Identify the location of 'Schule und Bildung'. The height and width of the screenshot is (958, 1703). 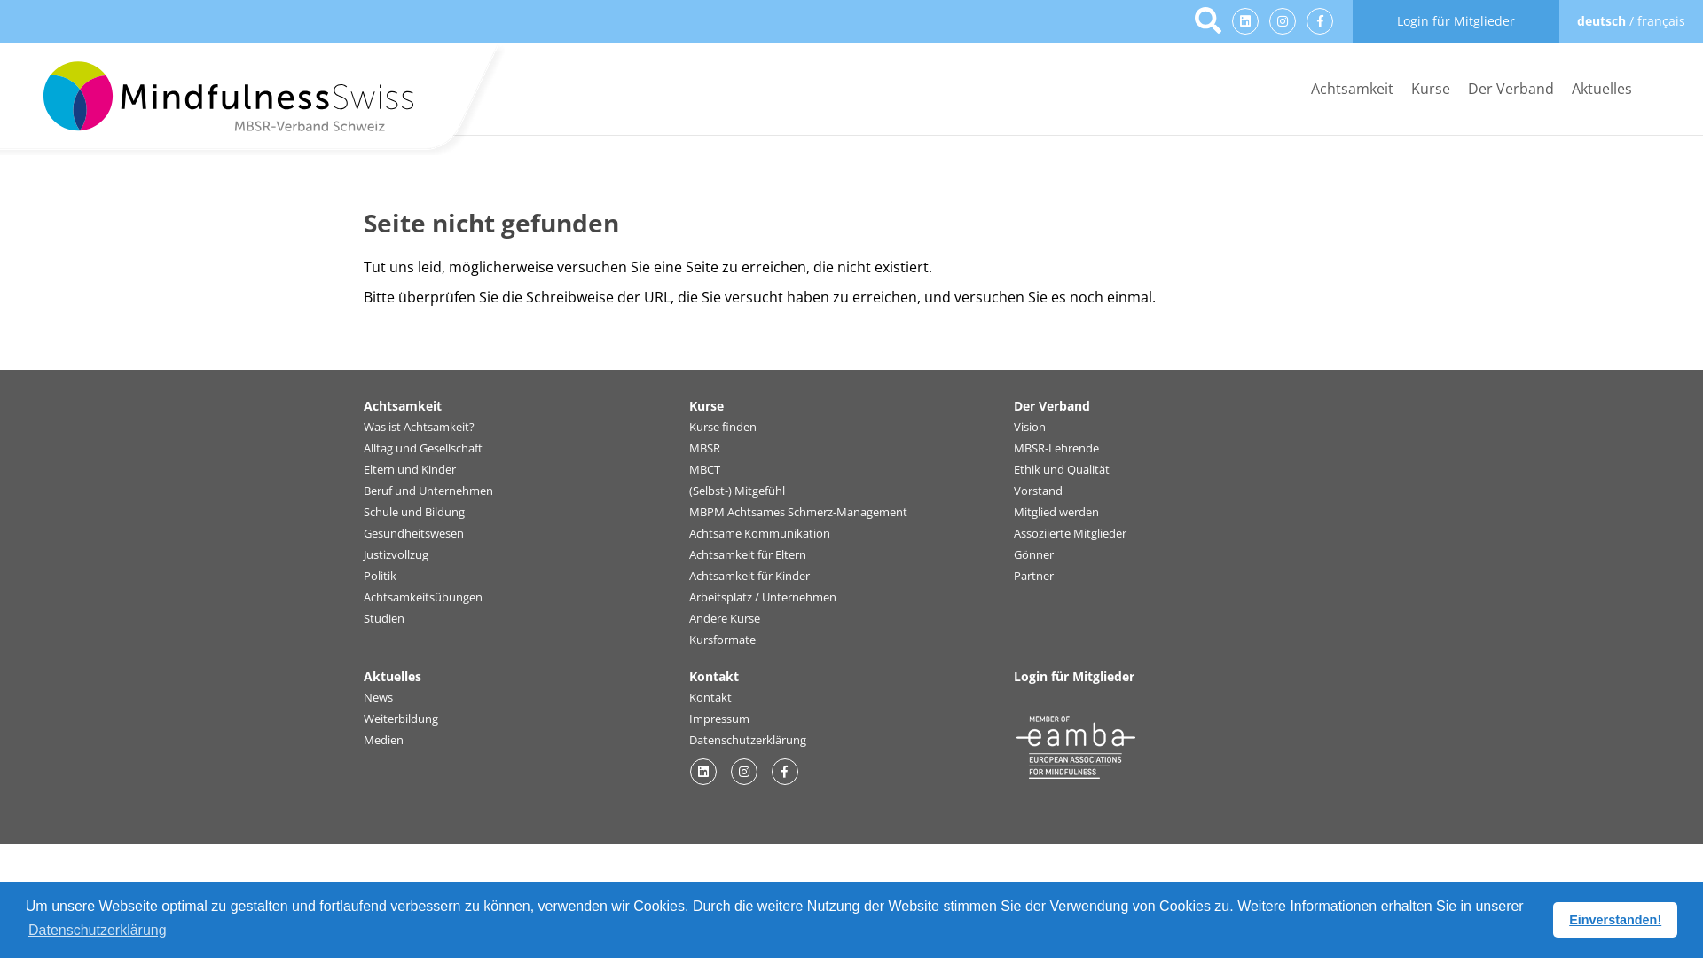
(362, 513).